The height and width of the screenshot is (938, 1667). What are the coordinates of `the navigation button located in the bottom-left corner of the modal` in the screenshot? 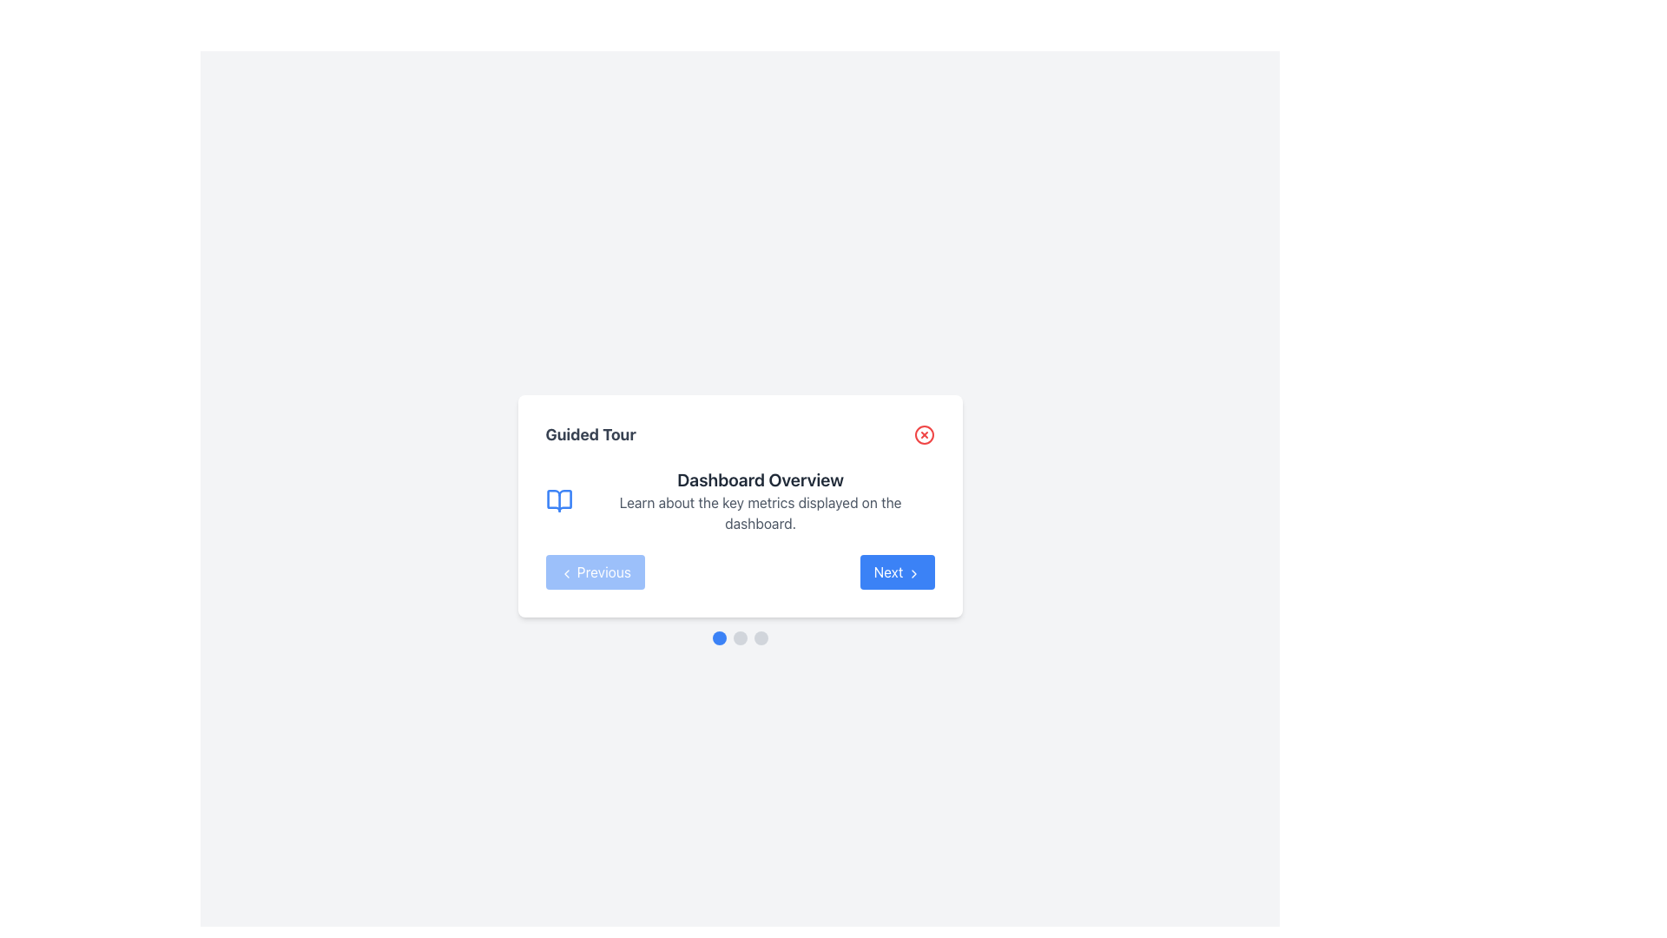 It's located at (595, 572).